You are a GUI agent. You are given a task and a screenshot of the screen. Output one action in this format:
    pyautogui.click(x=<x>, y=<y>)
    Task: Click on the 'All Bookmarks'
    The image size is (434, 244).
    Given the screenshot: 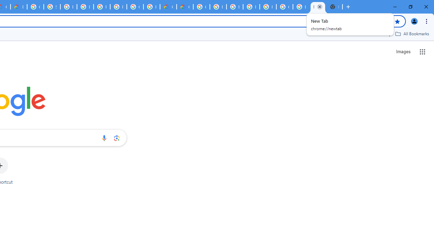 What is the action you would take?
    pyautogui.click(x=412, y=34)
    